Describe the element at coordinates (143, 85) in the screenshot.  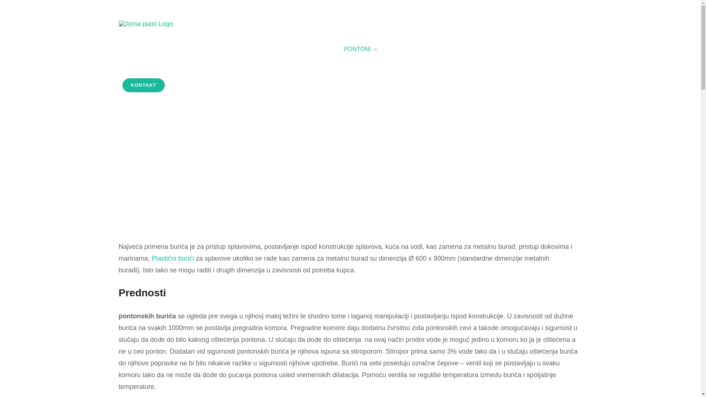
I see `'KONTAKT'` at that location.